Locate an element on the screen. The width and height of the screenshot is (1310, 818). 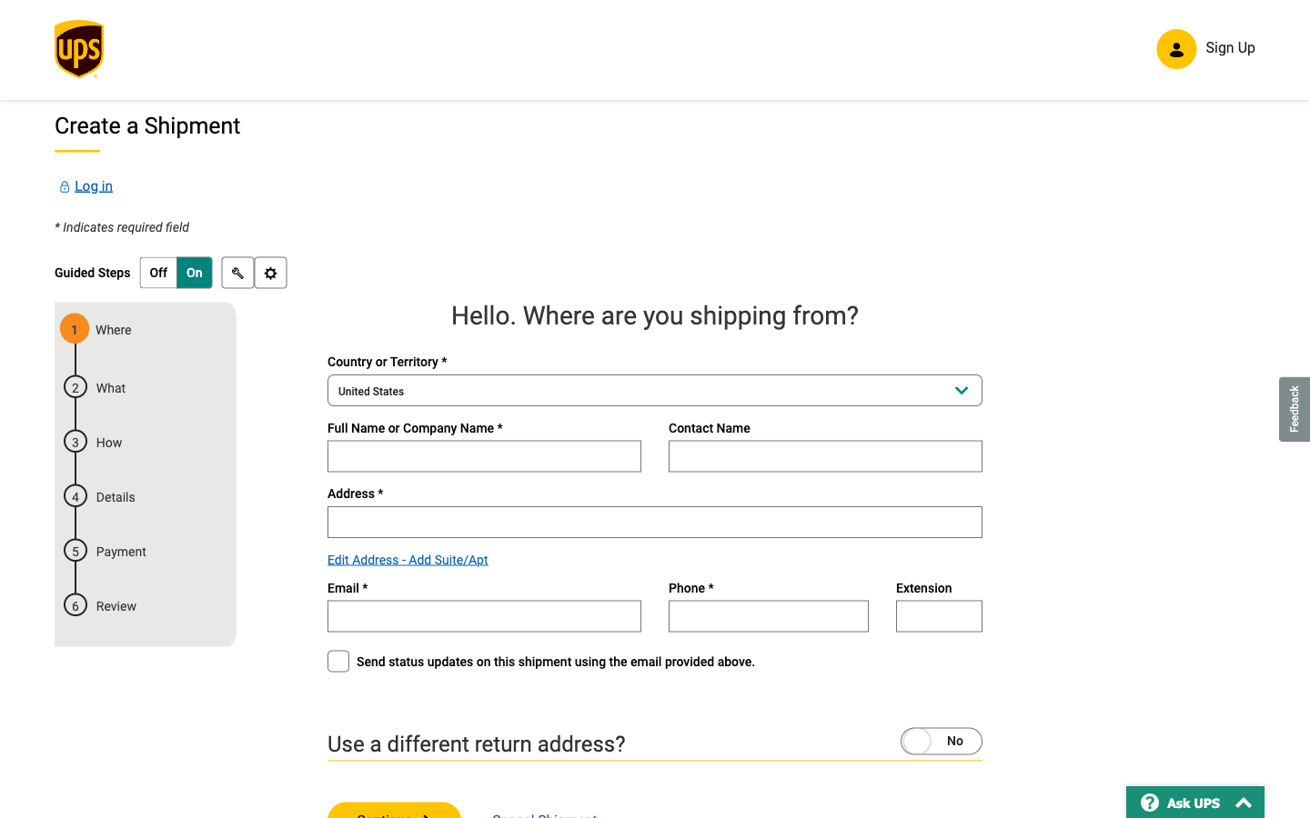
Check the shipment settings is located at coordinates (268, 274).